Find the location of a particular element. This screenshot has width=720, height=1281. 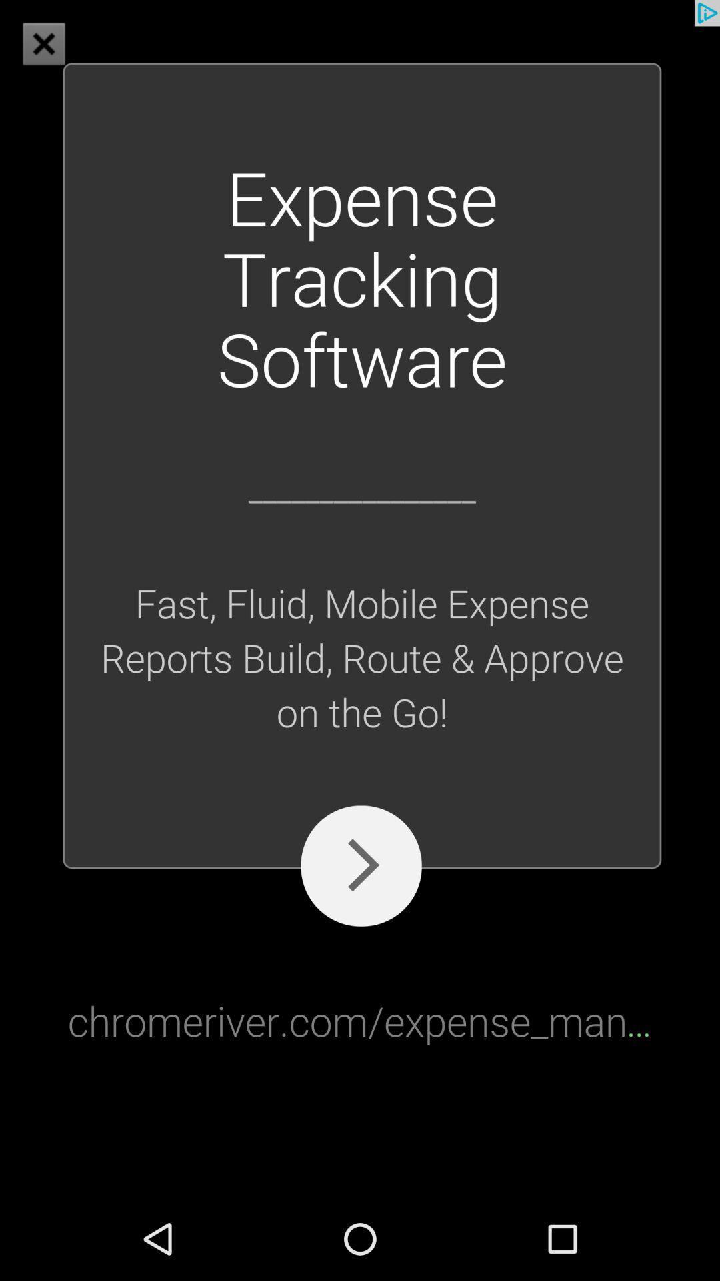

the close icon is located at coordinates (43, 43).